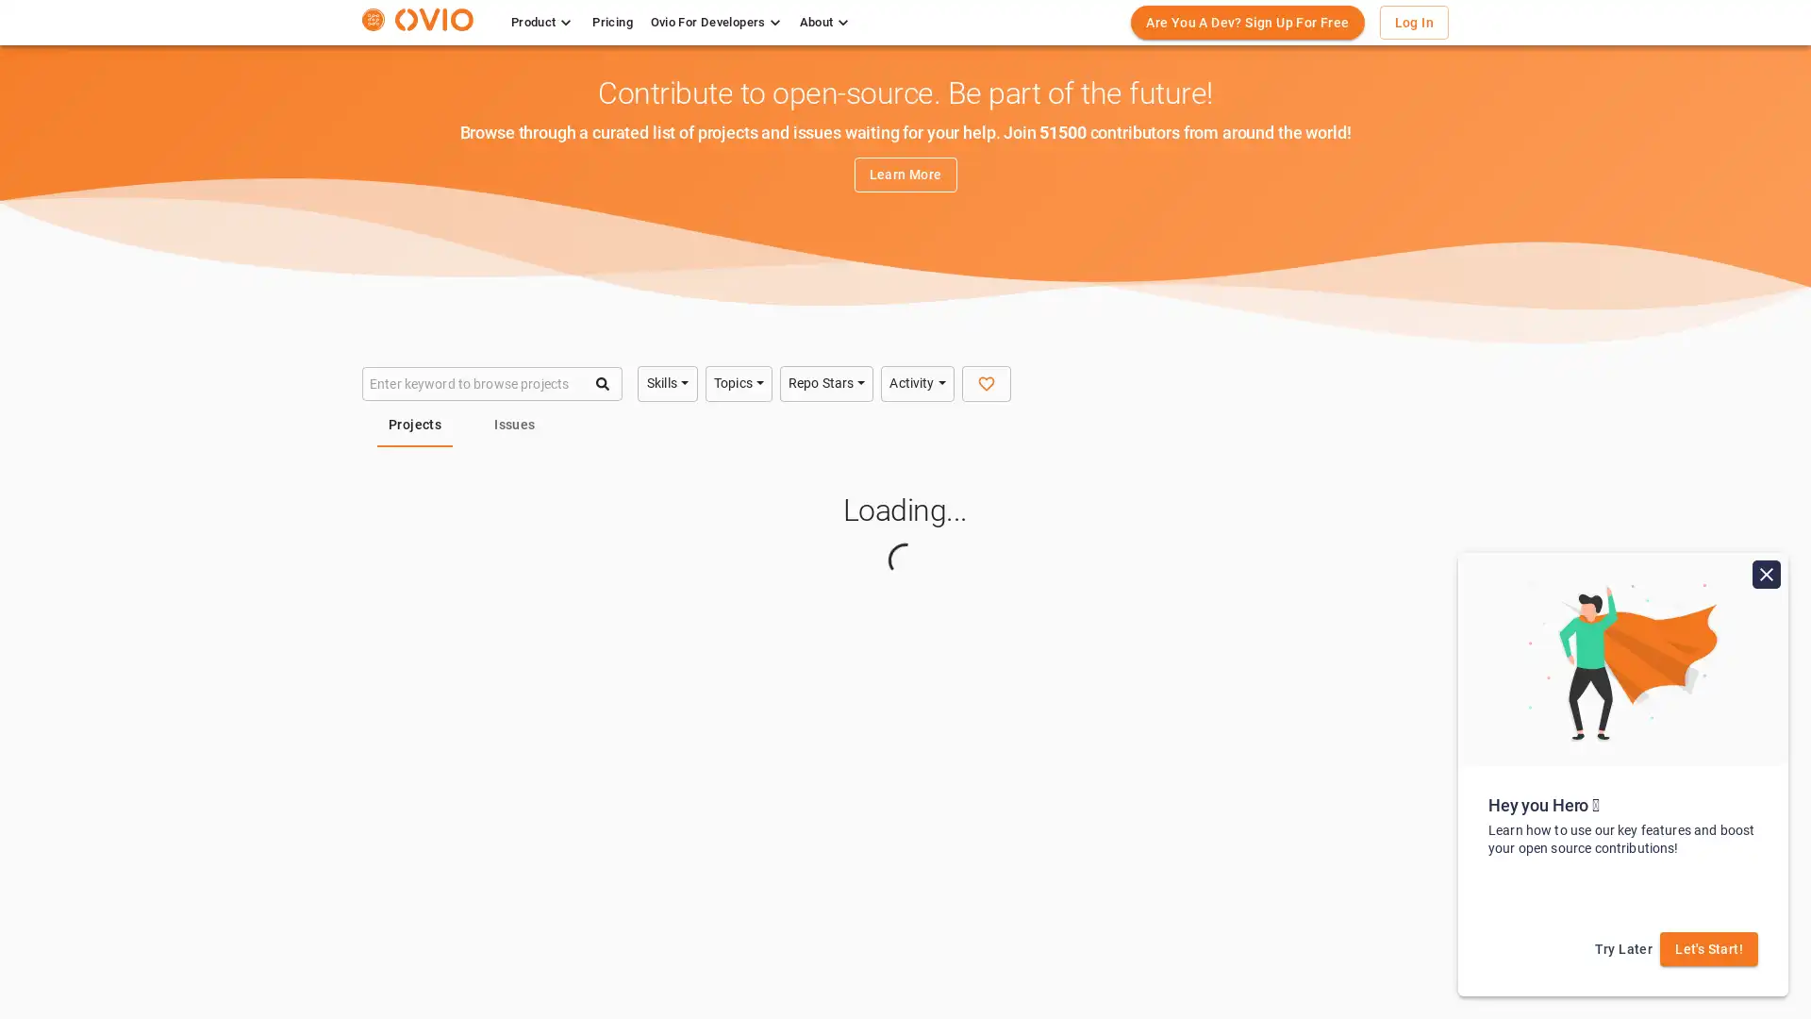 This screenshot has width=1811, height=1019. I want to click on Ovio For Developers, so click(715, 22).